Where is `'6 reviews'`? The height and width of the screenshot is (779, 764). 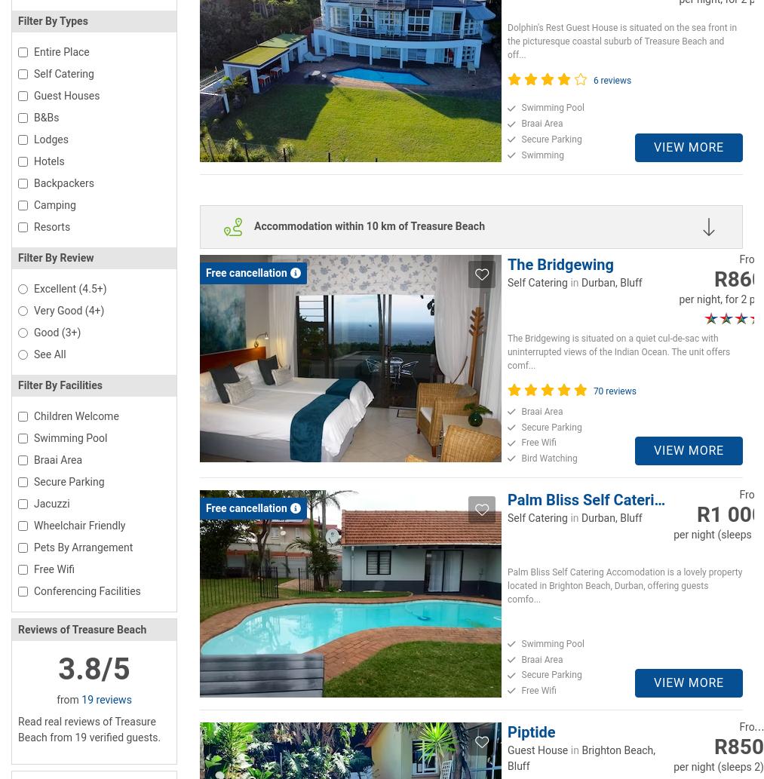 '6 reviews' is located at coordinates (592, 79).